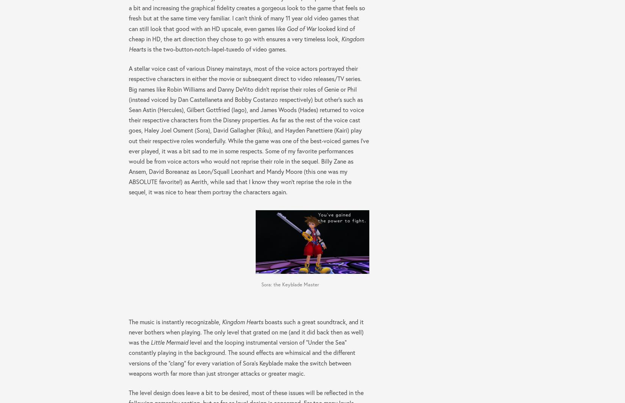  Describe the element at coordinates (169, 342) in the screenshot. I see `'Little Mermaid'` at that location.